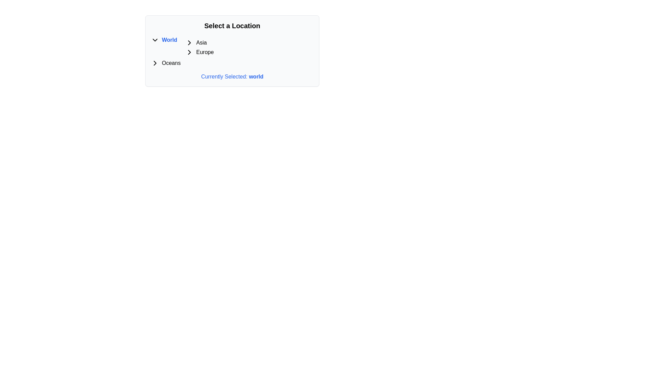 The width and height of the screenshot is (653, 367). What do you see at coordinates (256, 76) in the screenshot?
I see `the text 'world' which is displayed in blue color and part of the phrase 'Currently Selected: world' in the lower area of the 'Select a Location' section` at bounding box center [256, 76].